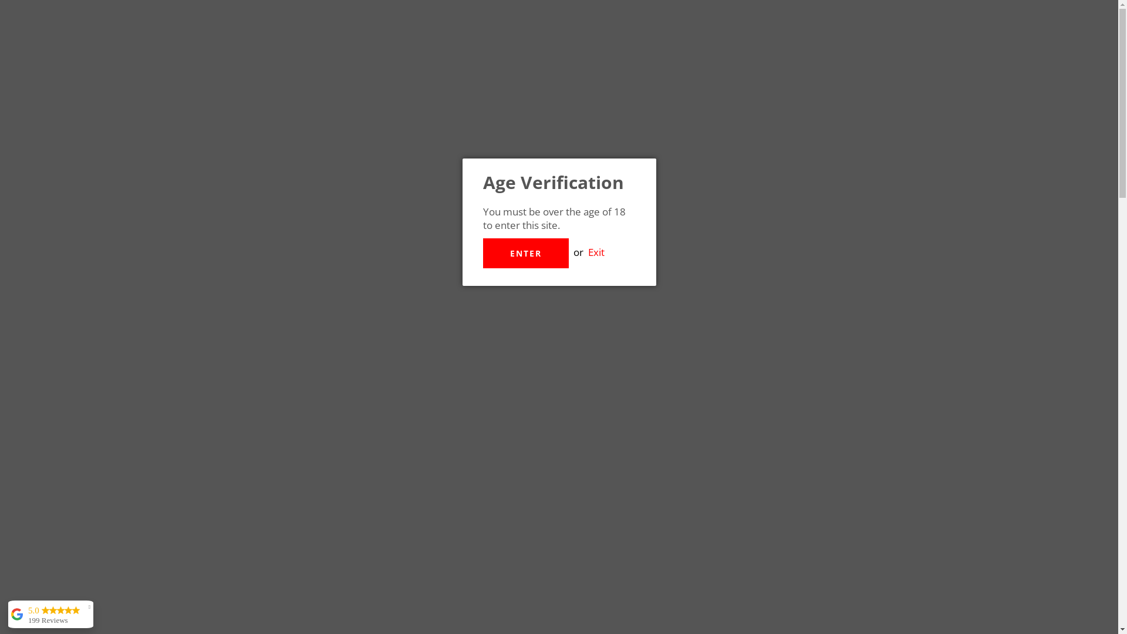 The image size is (1127, 634). Describe the element at coordinates (596, 251) in the screenshot. I see `'Exit'` at that location.